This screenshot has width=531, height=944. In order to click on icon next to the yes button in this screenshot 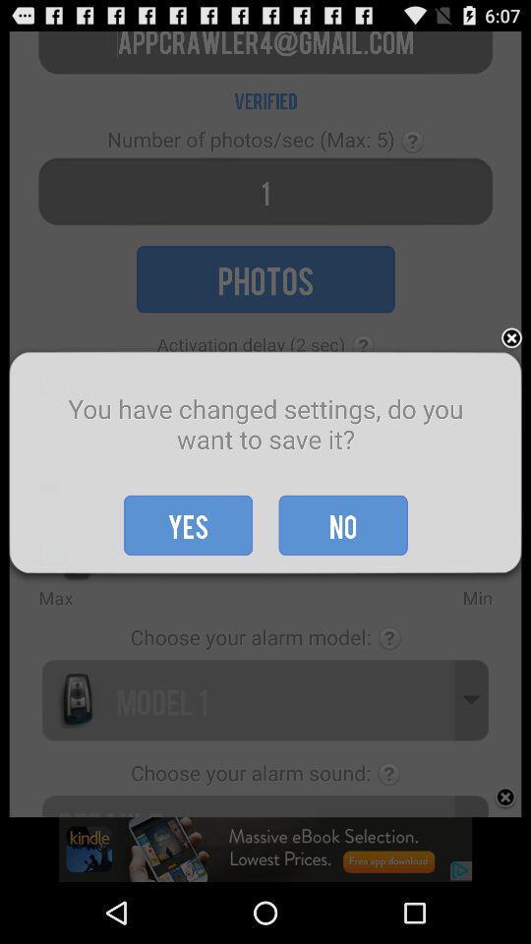, I will do `click(342, 524)`.